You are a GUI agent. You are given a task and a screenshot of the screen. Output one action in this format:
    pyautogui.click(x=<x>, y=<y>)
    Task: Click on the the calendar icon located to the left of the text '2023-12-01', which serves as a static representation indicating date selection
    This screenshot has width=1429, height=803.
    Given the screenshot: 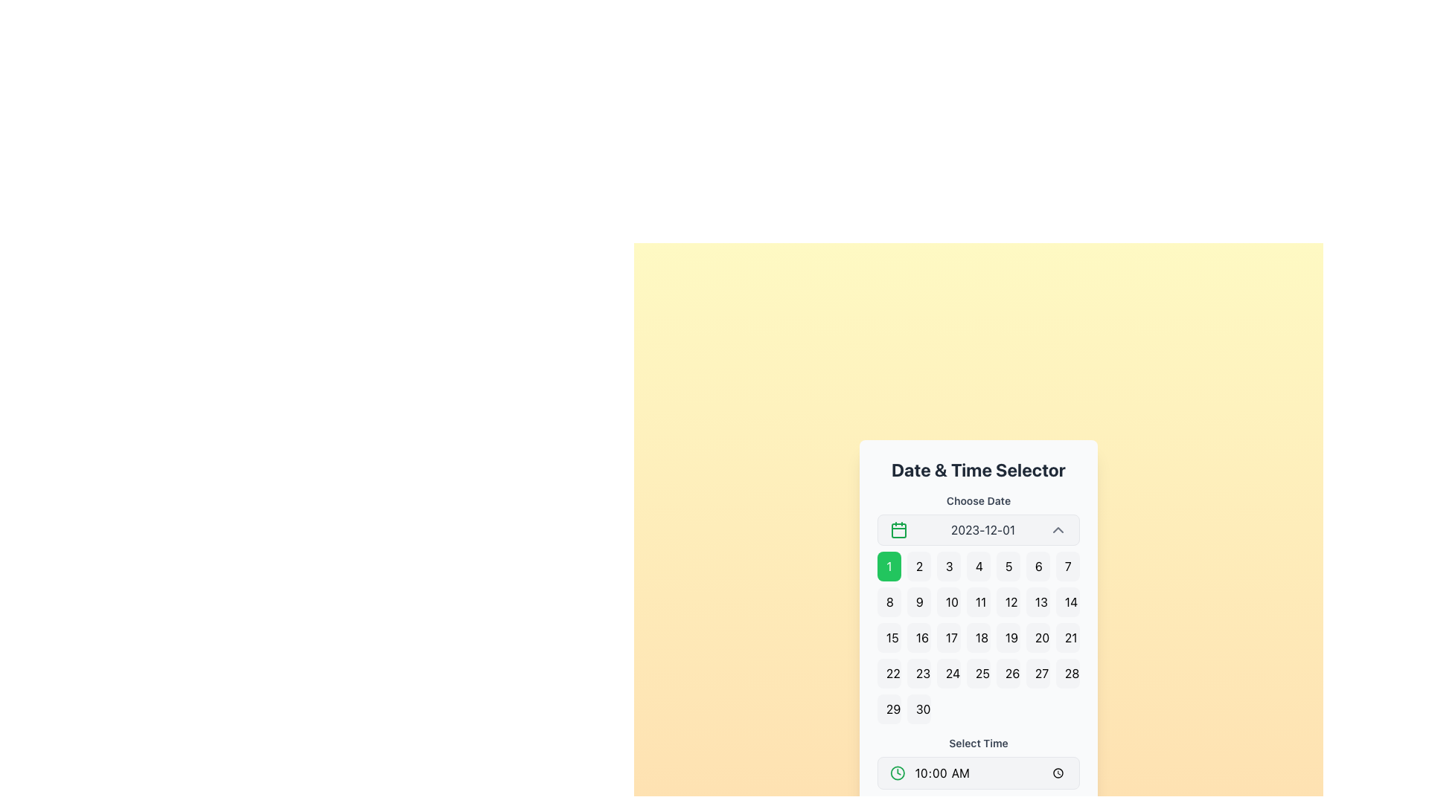 What is the action you would take?
    pyautogui.click(x=898, y=529)
    